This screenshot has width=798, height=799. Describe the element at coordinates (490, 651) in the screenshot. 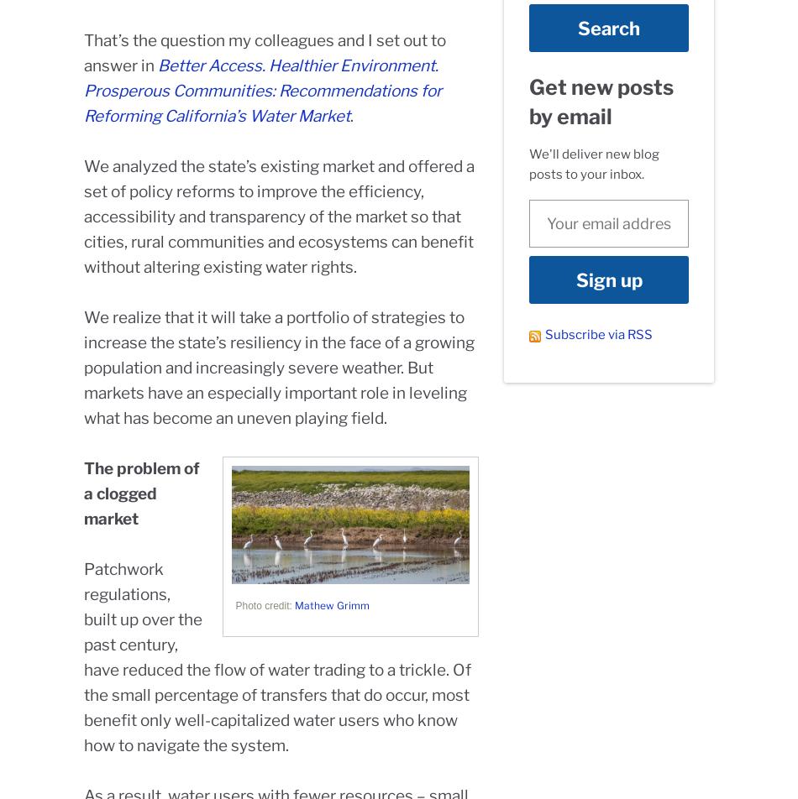

I see `'Reports and publications'` at that location.